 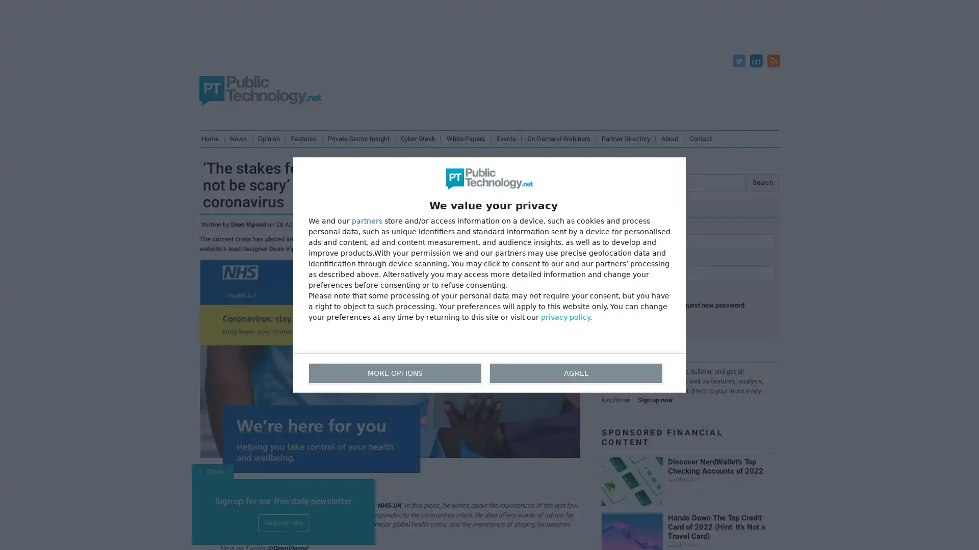 I want to click on partners, so click(x=367, y=219).